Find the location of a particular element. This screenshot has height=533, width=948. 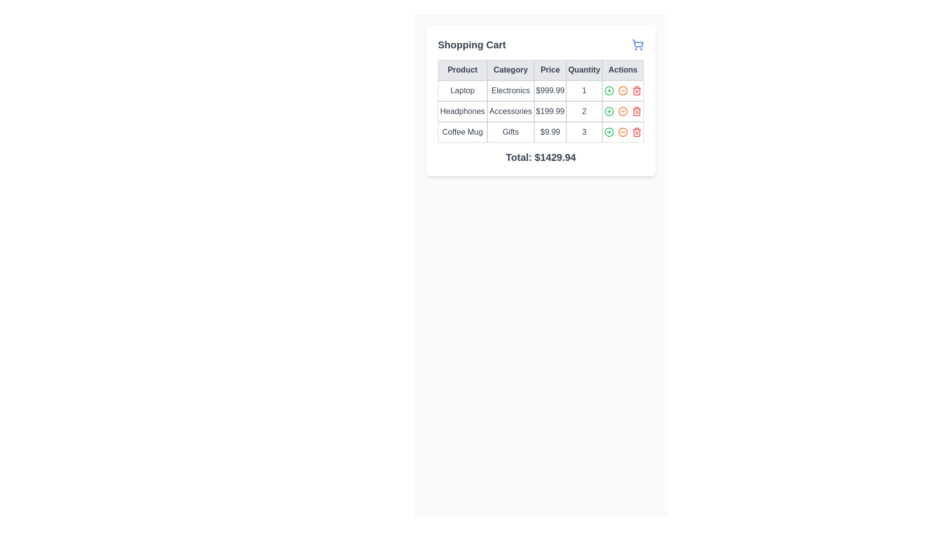

the table header column labeled 'Price', which is the third column in the header row of the table, styled with a thin border and bold dark text on a light background is located at coordinates (550, 70).